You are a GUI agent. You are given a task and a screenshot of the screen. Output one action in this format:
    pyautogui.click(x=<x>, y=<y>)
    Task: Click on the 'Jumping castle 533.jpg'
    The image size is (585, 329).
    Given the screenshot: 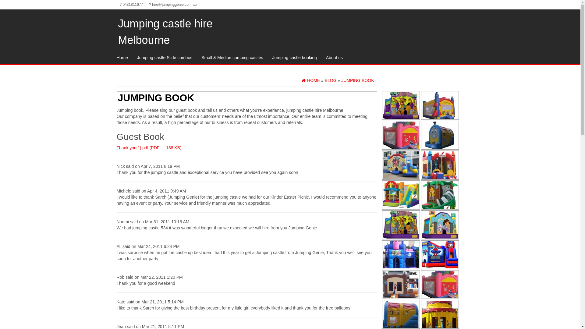 What is the action you would take?
    pyautogui.click(x=401, y=195)
    